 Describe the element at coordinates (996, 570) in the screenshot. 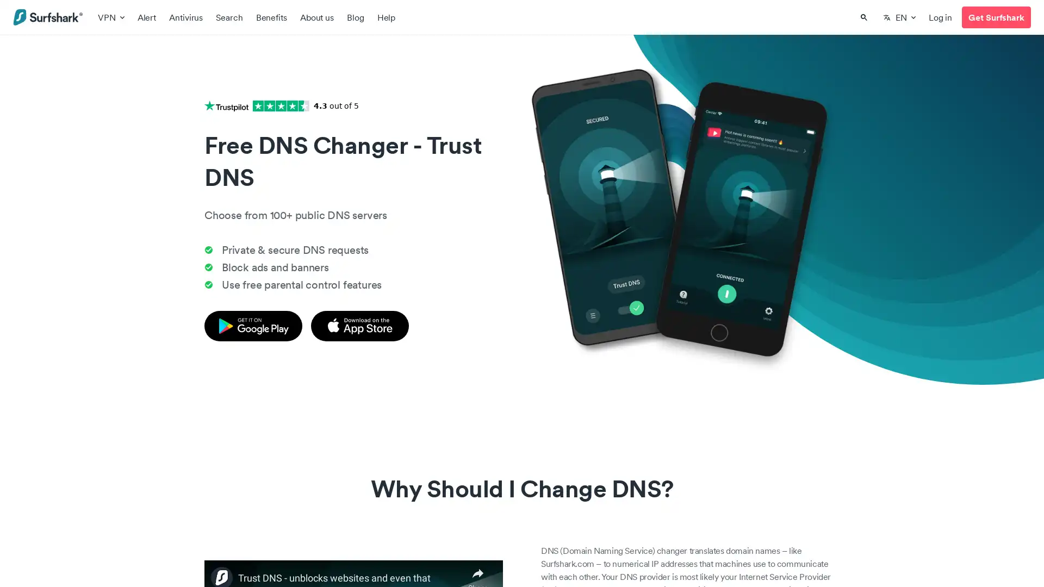

I see `loading Support` at that location.